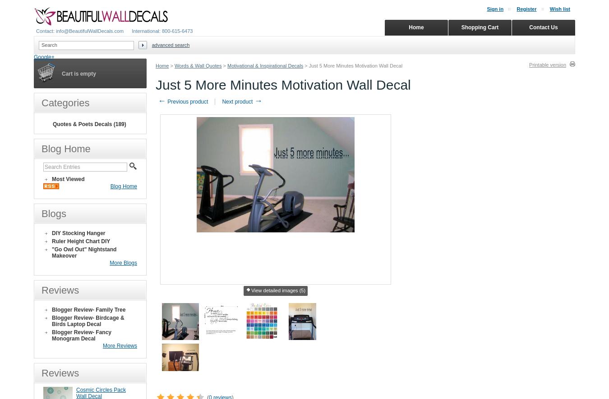 This screenshot has width=609, height=399. What do you see at coordinates (82, 336) in the screenshot?
I see `'Blogger Review- Fancy Monogram Decal'` at bounding box center [82, 336].